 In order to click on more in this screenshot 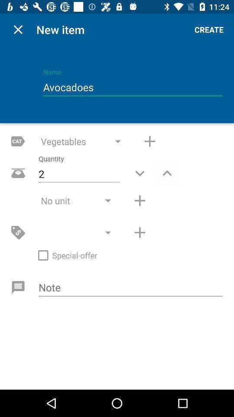, I will do `click(140, 232)`.